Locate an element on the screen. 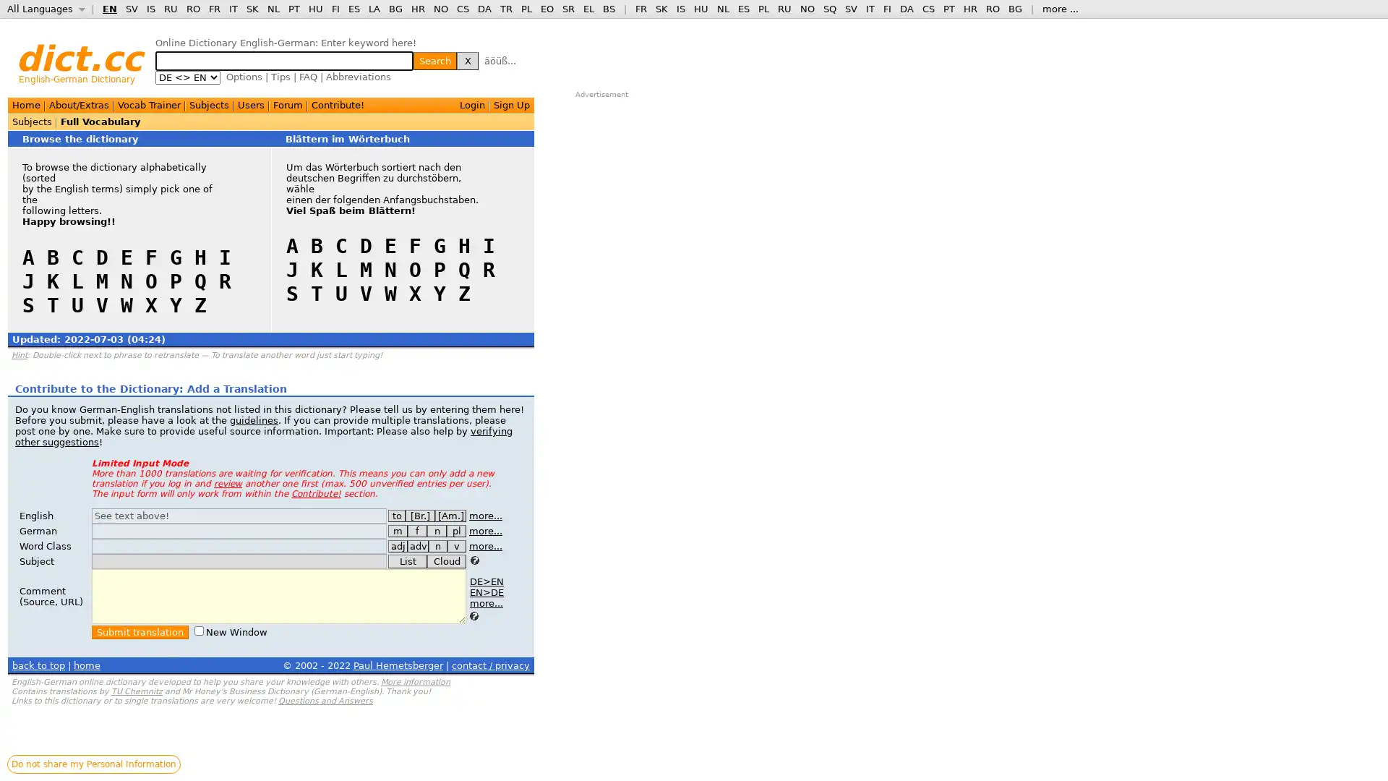 The height and width of the screenshot is (781, 1388). adj is located at coordinates (398, 546).